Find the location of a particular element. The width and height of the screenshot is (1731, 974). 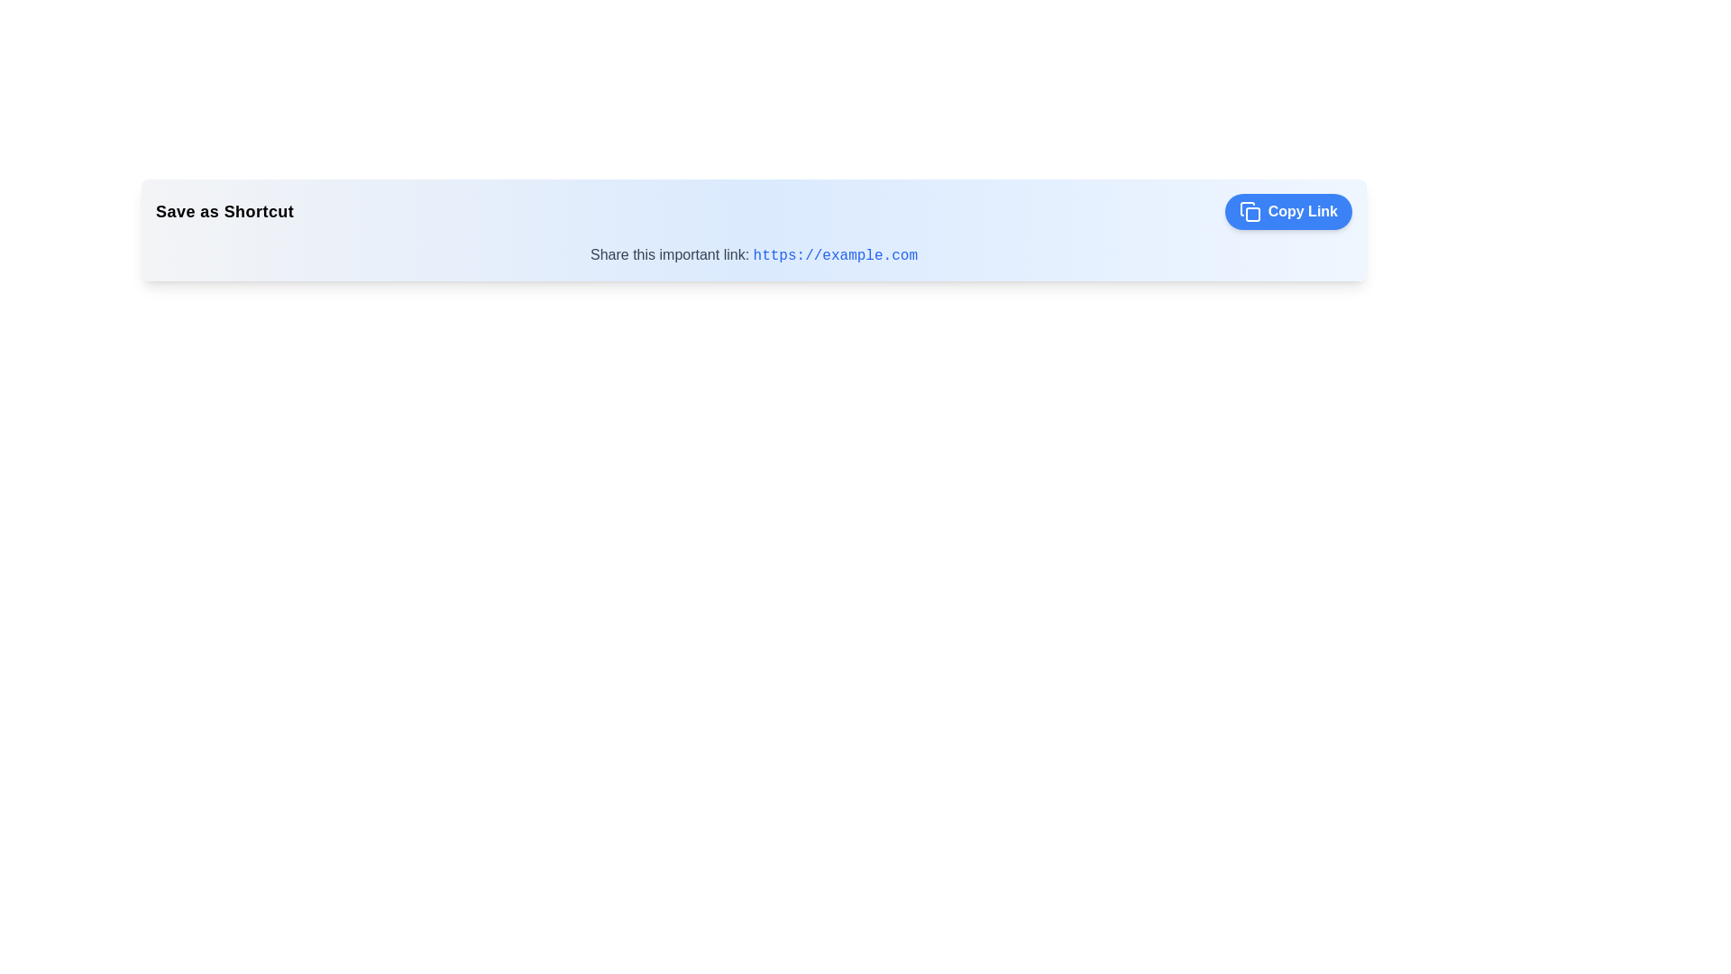

the highlighted URL portion of the text element displaying 'Share this important link: https://example.com' is located at coordinates (754, 255).